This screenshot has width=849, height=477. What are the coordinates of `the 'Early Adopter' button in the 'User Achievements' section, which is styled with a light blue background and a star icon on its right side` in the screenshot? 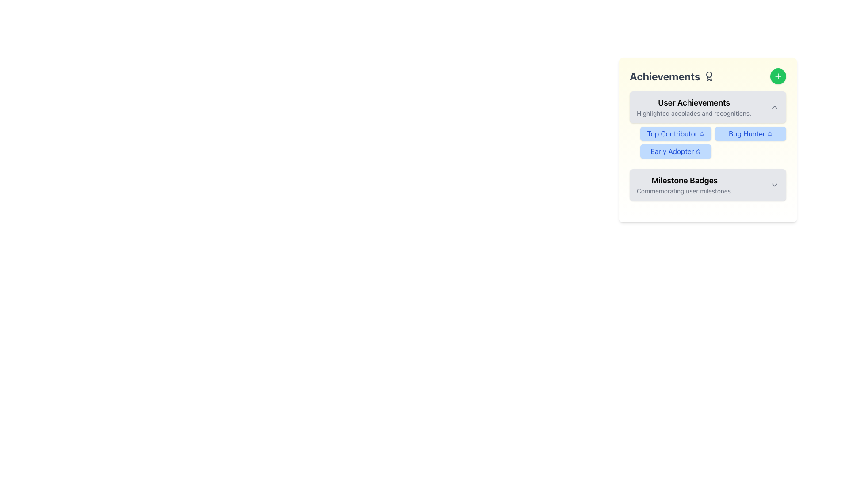 It's located at (708, 146).